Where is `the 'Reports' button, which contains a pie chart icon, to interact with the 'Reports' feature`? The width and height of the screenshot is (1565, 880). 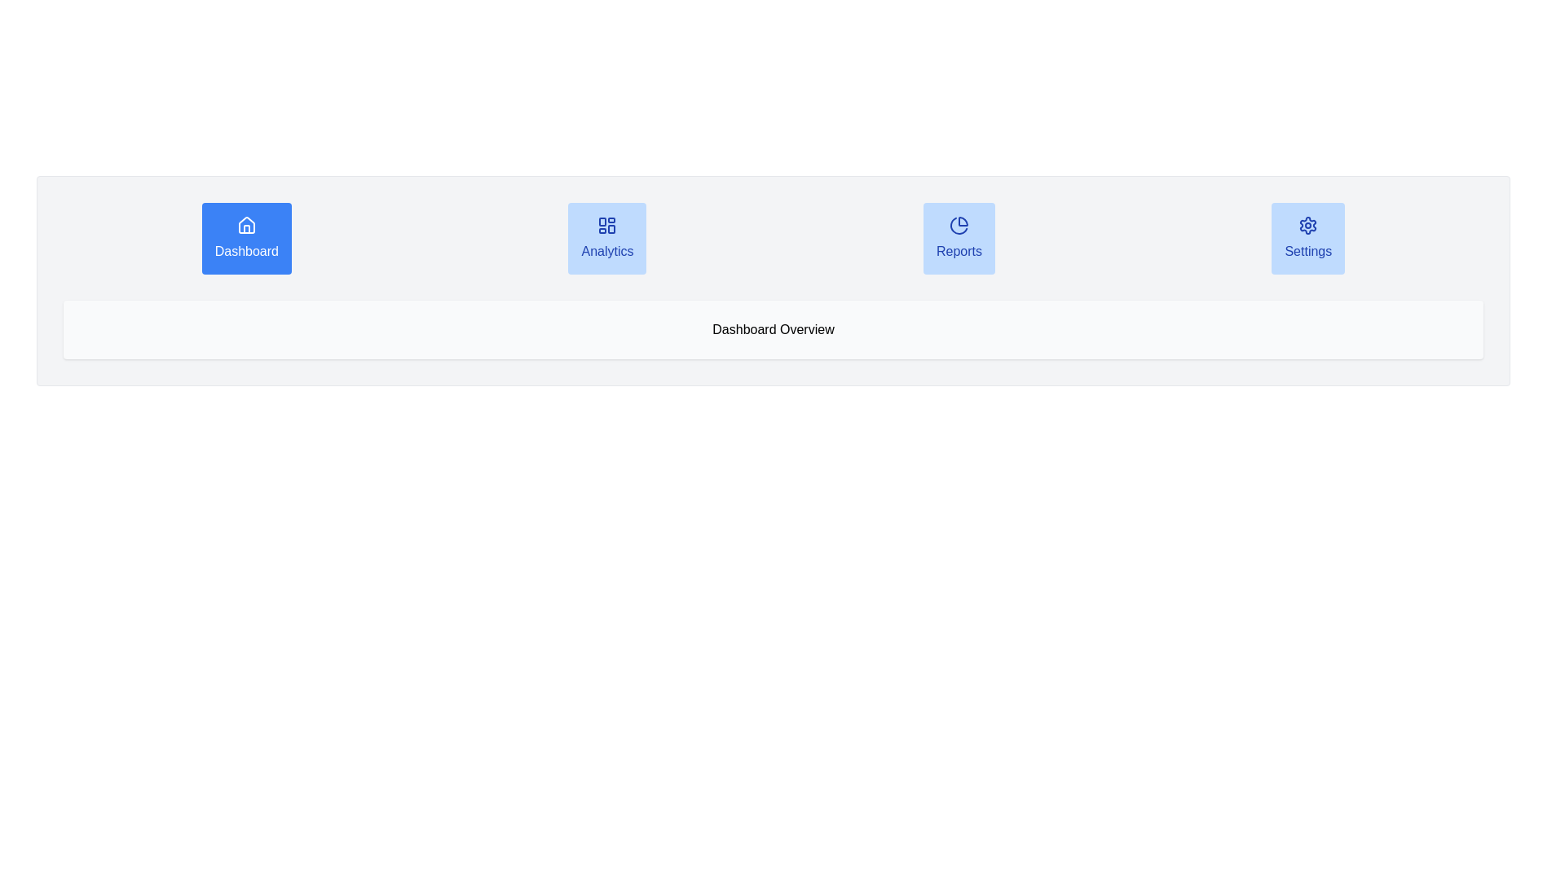
the 'Reports' button, which contains a pie chart icon, to interact with the 'Reports' feature is located at coordinates (959, 226).